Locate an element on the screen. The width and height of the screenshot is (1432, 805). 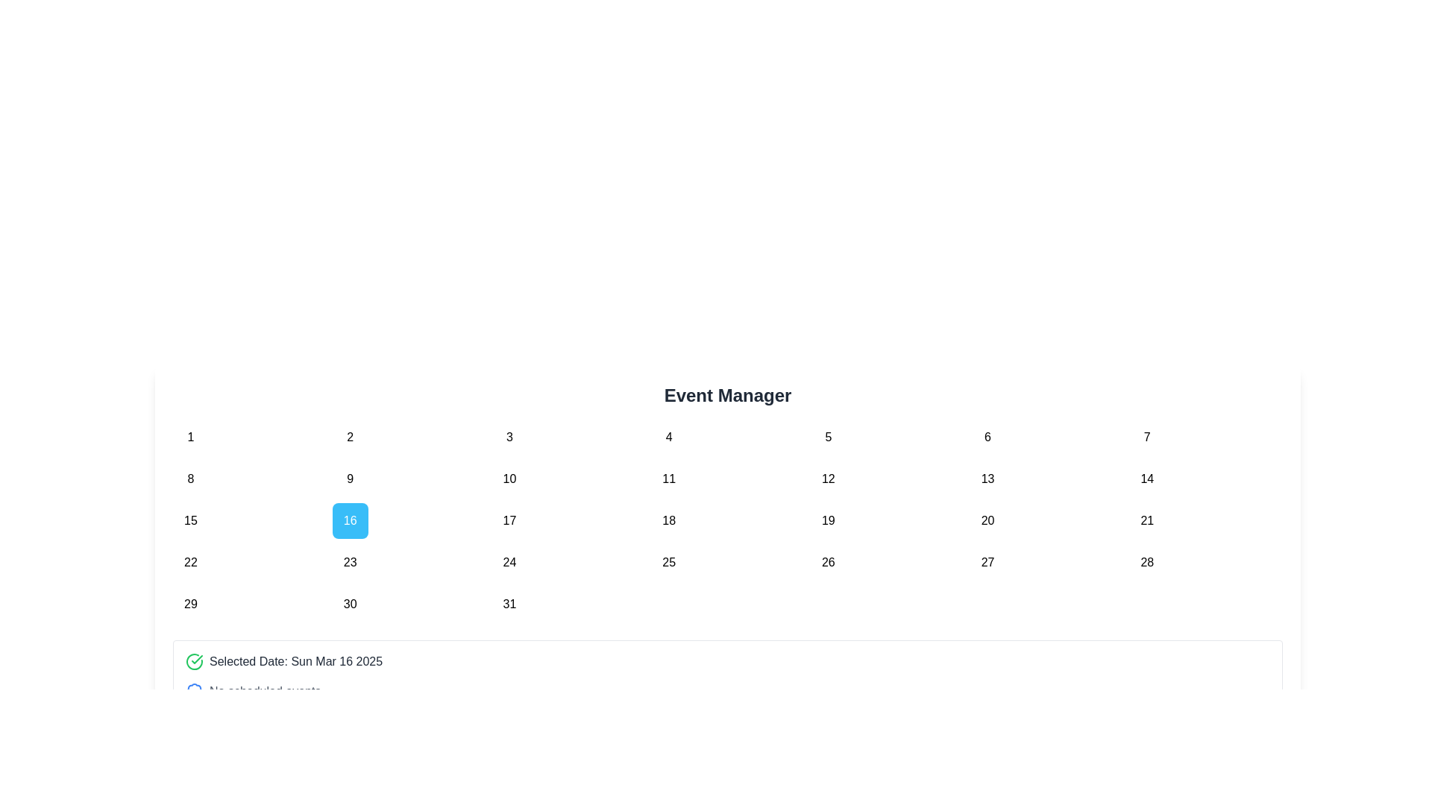
the square button displaying the number '28' located in the 7th position of the fourth row in a 7x5 grid layout is located at coordinates (1146, 563).